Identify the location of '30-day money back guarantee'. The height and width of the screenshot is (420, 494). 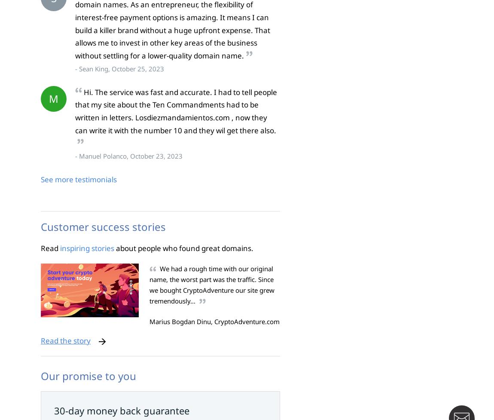
(121, 410).